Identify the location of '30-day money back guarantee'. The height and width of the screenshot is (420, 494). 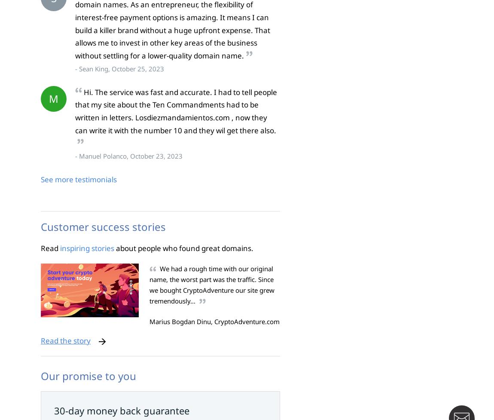
(121, 410).